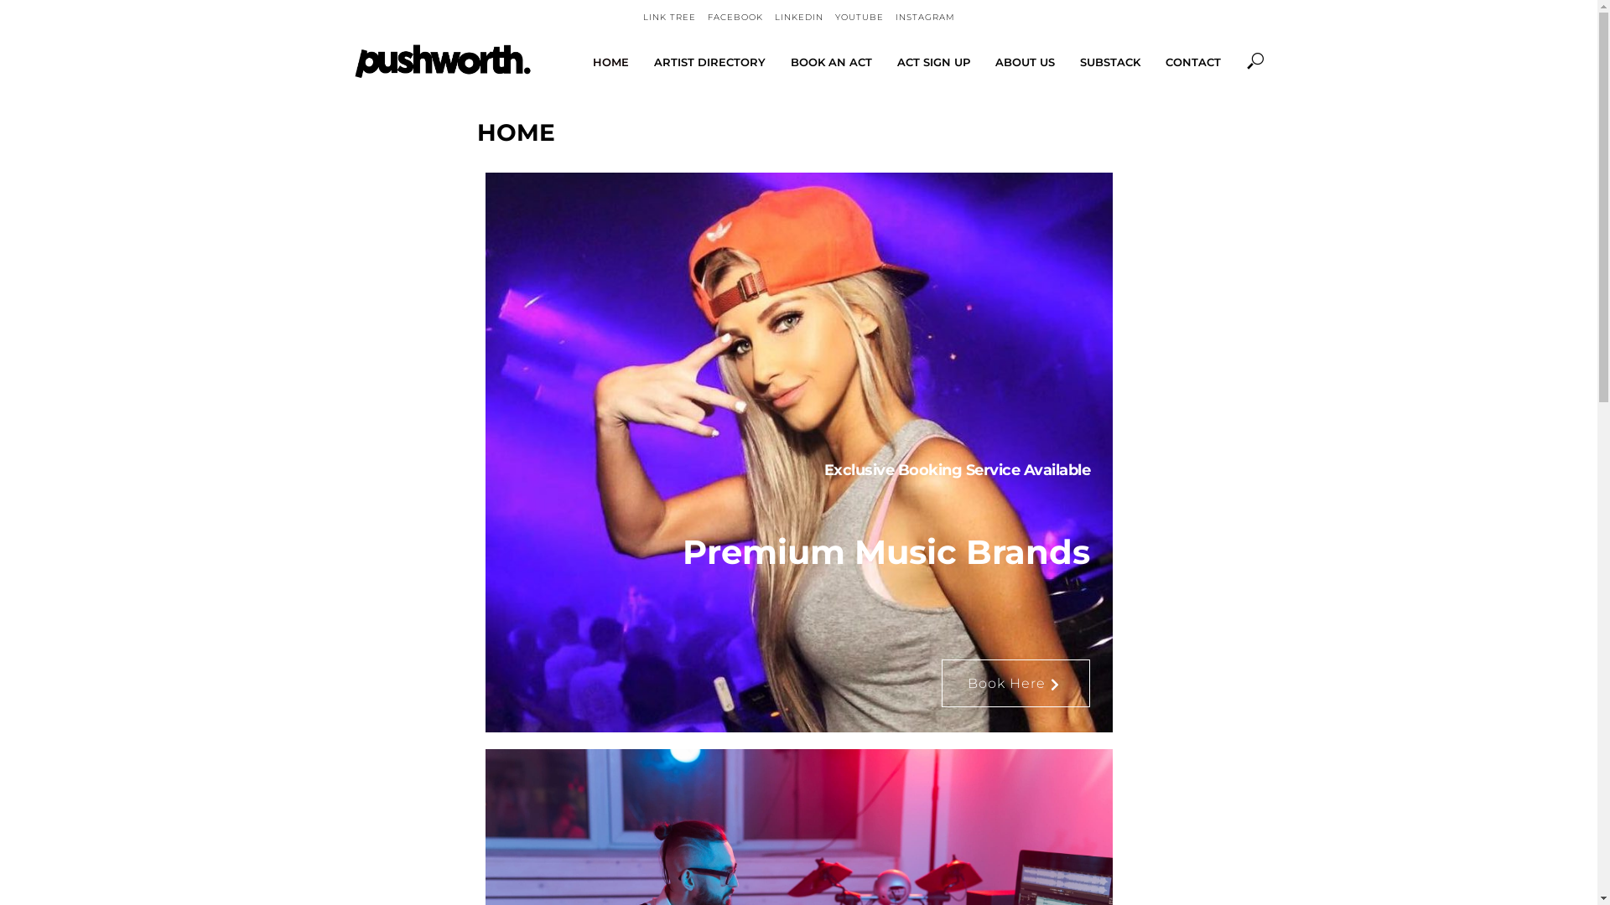  What do you see at coordinates (610, 60) in the screenshot?
I see `'HOME'` at bounding box center [610, 60].